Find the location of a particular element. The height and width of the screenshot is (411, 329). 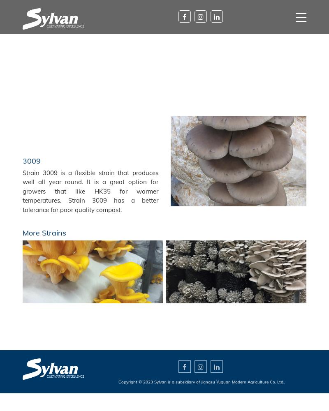

'3009' is located at coordinates (32, 160).